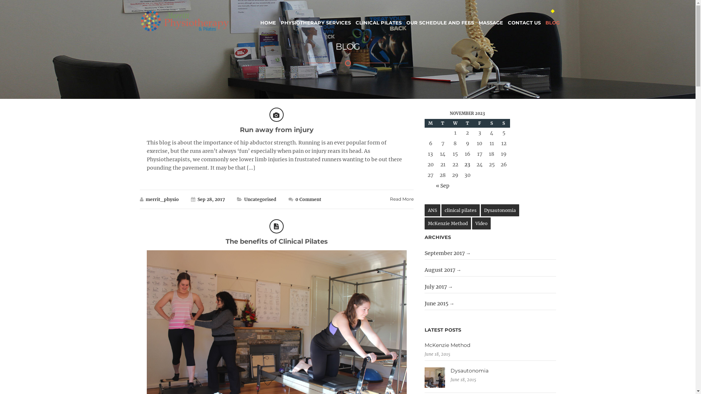 The image size is (701, 394). I want to click on 'Dysautonomia', so click(490, 370).